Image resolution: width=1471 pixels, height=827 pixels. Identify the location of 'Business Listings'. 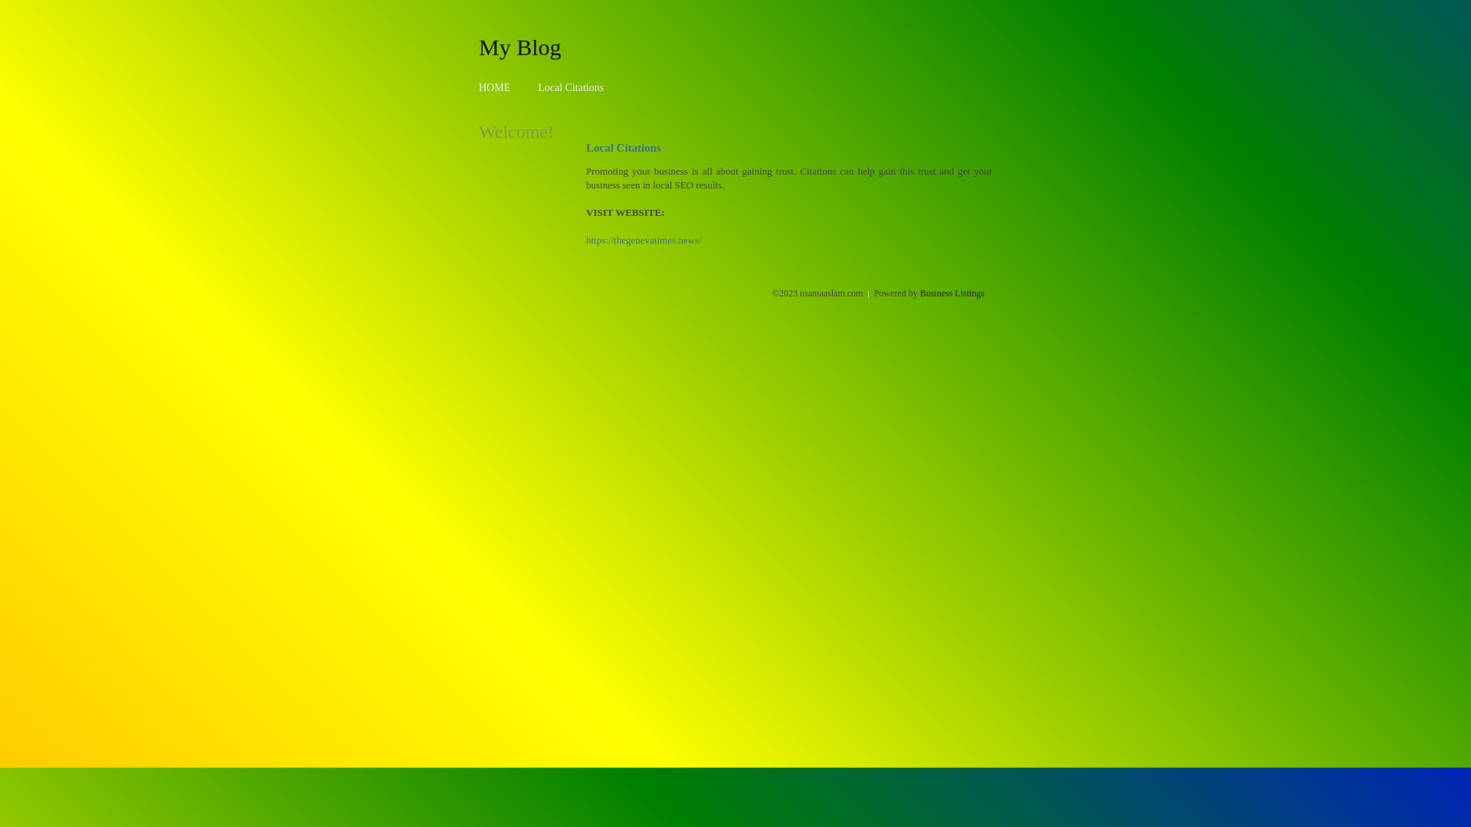
(952, 293).